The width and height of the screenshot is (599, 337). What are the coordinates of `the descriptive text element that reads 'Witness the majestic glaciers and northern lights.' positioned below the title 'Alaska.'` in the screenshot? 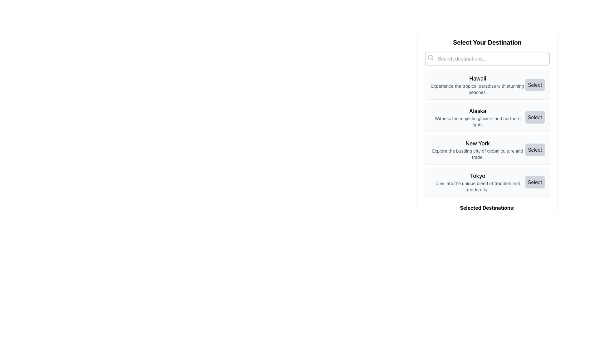 It's located at (477, 121).